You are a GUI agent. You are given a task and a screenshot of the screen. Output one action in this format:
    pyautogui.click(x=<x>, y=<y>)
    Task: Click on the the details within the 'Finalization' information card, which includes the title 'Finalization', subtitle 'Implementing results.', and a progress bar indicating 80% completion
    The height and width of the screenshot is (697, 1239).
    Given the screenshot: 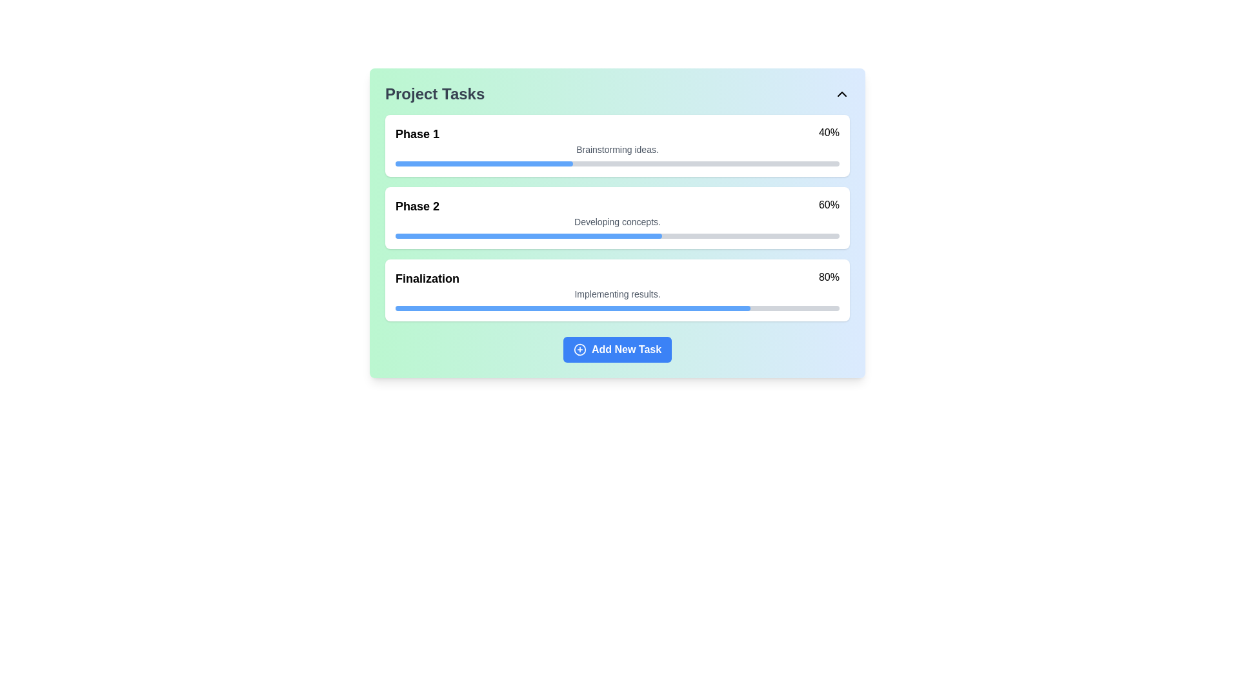 What is the action you would take?
    pyautogui.click(x=616, y=290)
    